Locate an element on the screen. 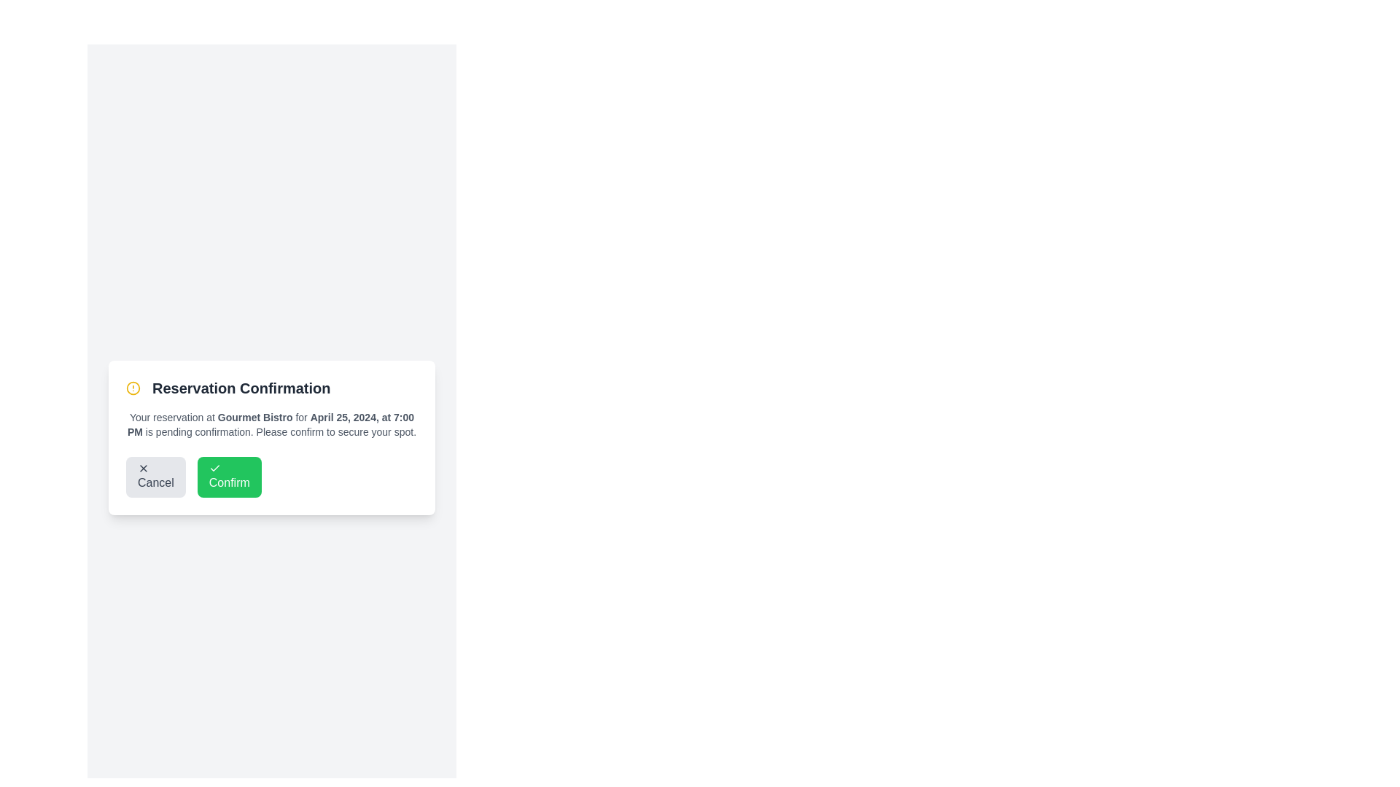  the cancellation icon located on the left side of the 'Cancel' button at the bottom-left of the interface is located at coordinates (143, 469).